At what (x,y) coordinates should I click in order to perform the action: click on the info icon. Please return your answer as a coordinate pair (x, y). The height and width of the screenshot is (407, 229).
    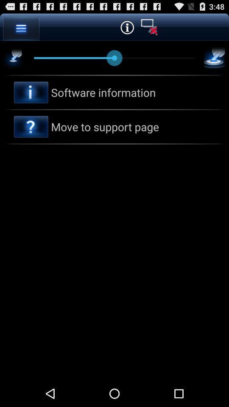
    Looking at the image, I should click on (126, 29).